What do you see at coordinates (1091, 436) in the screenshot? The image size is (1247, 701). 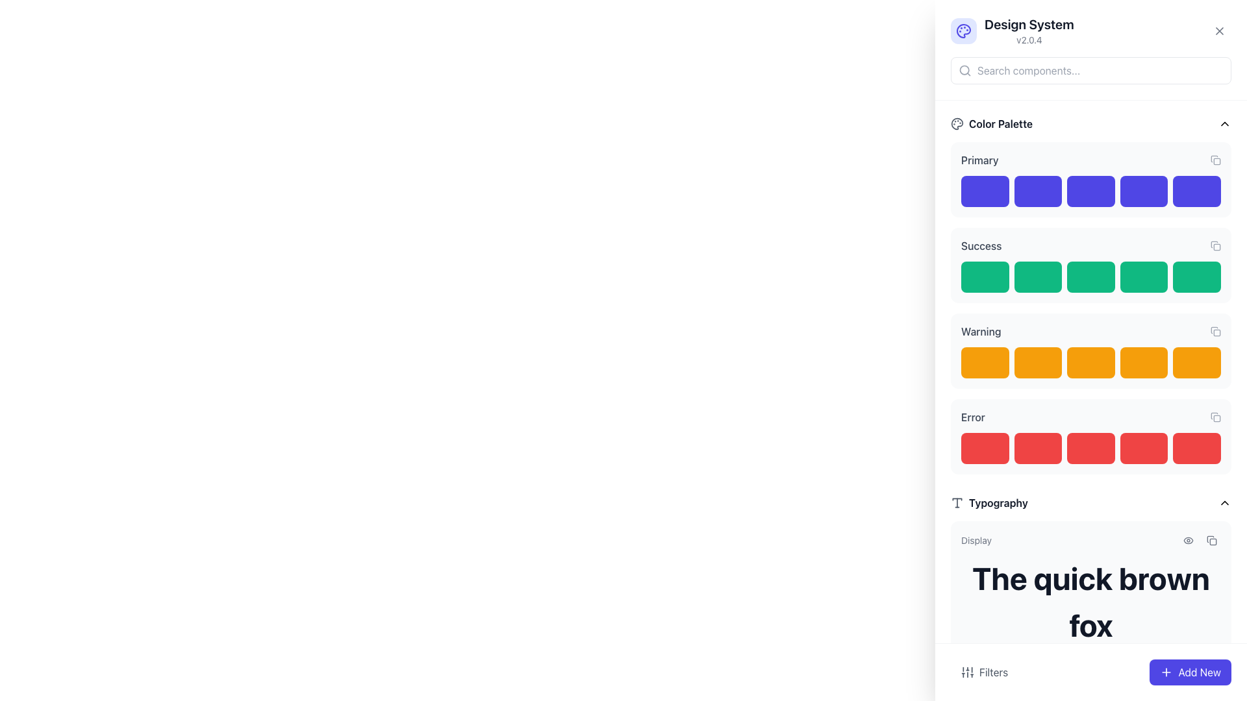 I see `the button representing the 'Error' category` at bounding box center [1091, 436].